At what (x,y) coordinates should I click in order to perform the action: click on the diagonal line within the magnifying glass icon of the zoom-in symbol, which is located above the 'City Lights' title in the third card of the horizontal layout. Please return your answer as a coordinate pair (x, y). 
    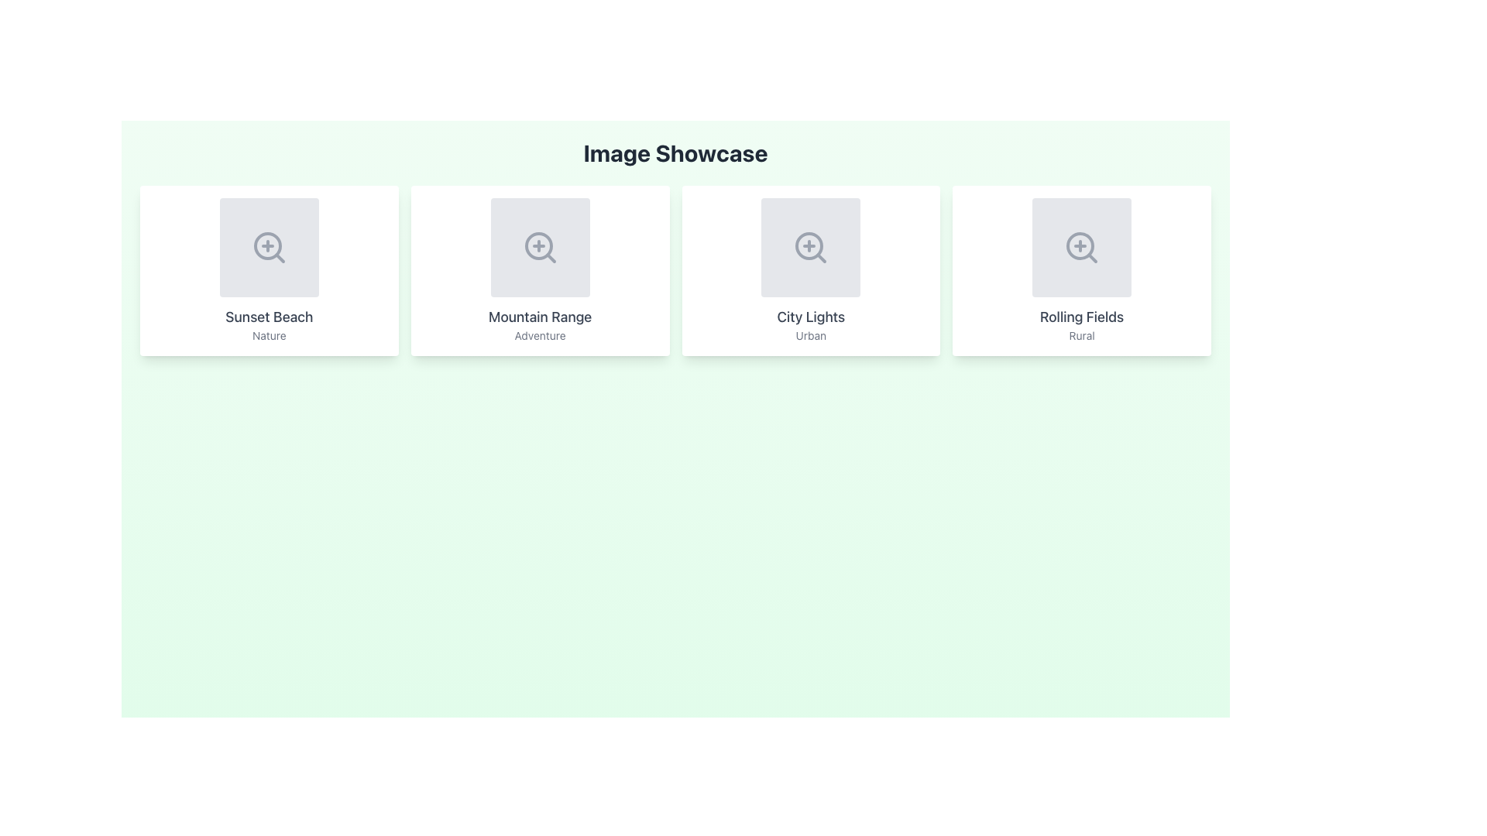
    Looking at the image, I should click on (820, 257).